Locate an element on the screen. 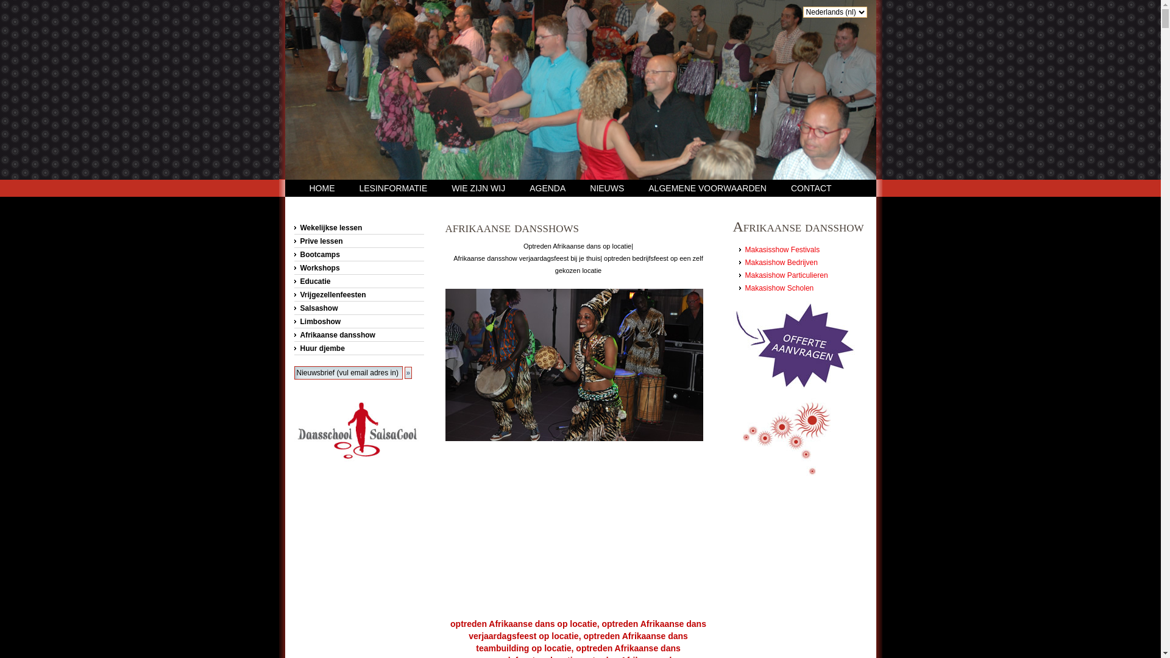  'Makasishow Particulieren' is located at coordinates (744, 275).